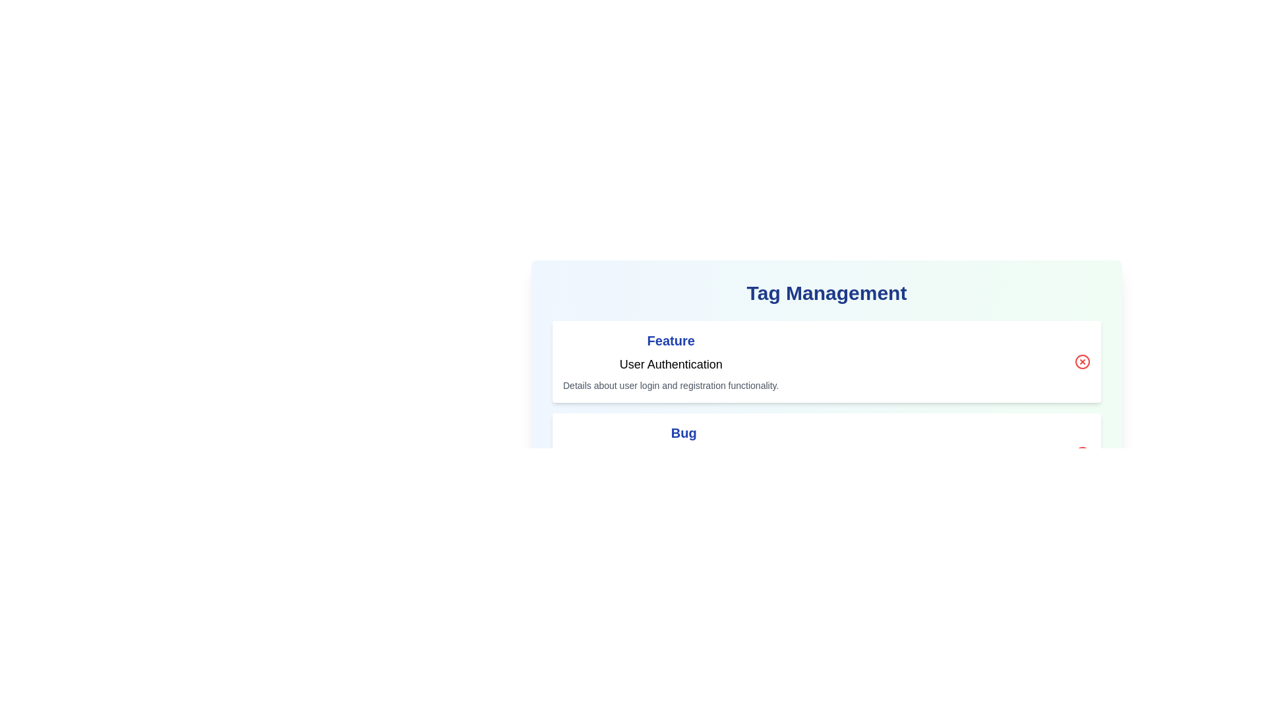 This screenshot has width=1266, height=712. I want to click on the close icon located in the right section of the white rectangular card labeled 'Feature: User Authentication' in the 'Tag Management' interface, so click(1082, 361).